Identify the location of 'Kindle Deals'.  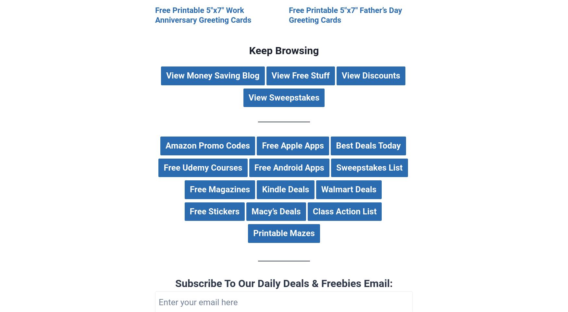
(285, 189).